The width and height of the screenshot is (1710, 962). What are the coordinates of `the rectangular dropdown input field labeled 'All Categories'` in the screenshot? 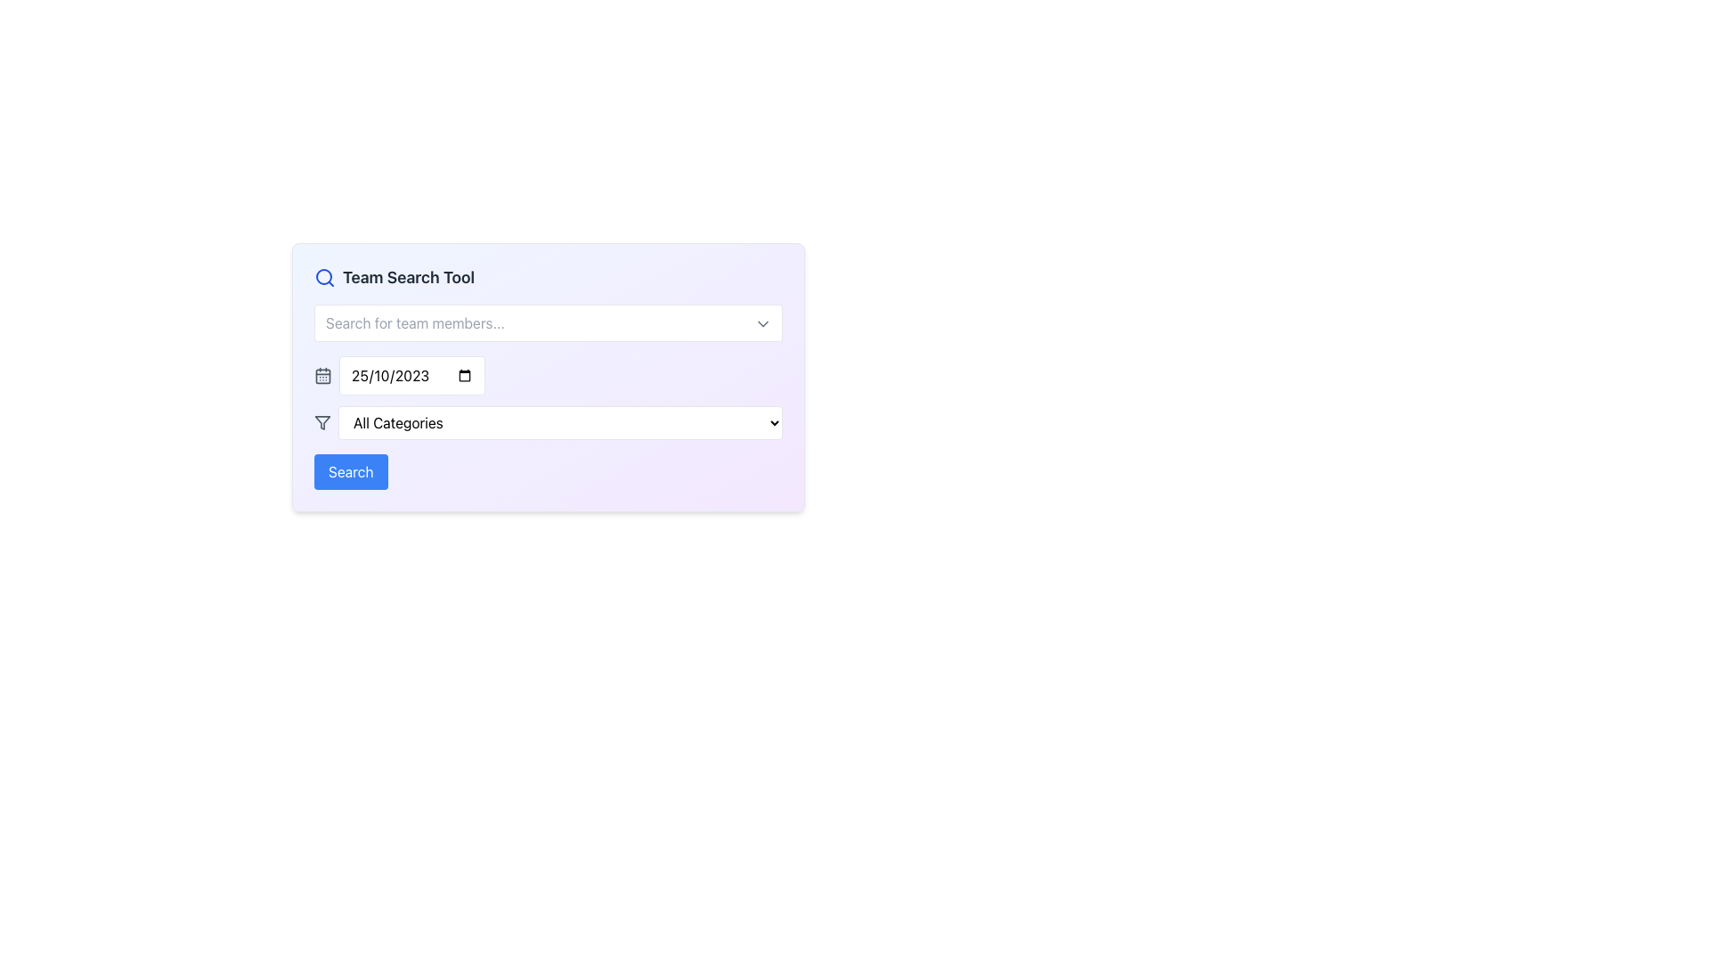 It's located at (547, 422).